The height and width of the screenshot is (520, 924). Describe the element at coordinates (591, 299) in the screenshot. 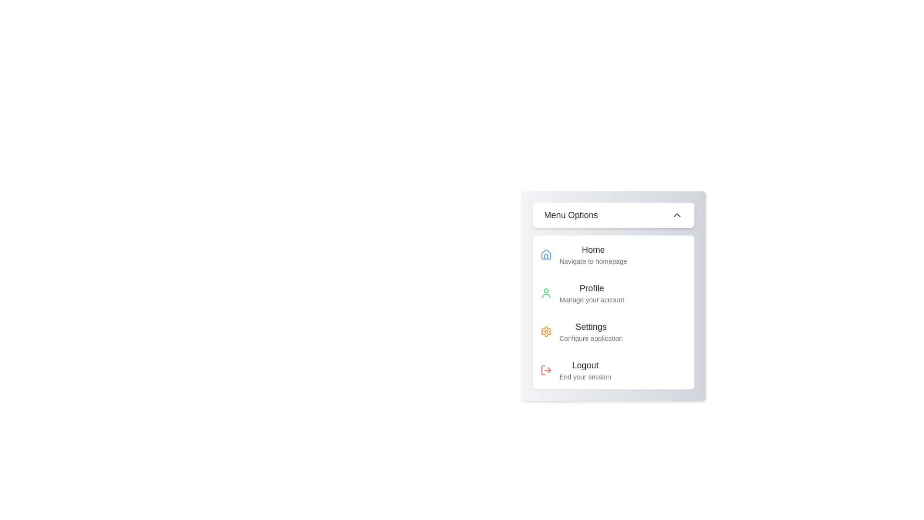

I see `the small gray text label that reads 'Manage your account', positioned beneath the 'Profile' label in the vertical menu layout` at that location.